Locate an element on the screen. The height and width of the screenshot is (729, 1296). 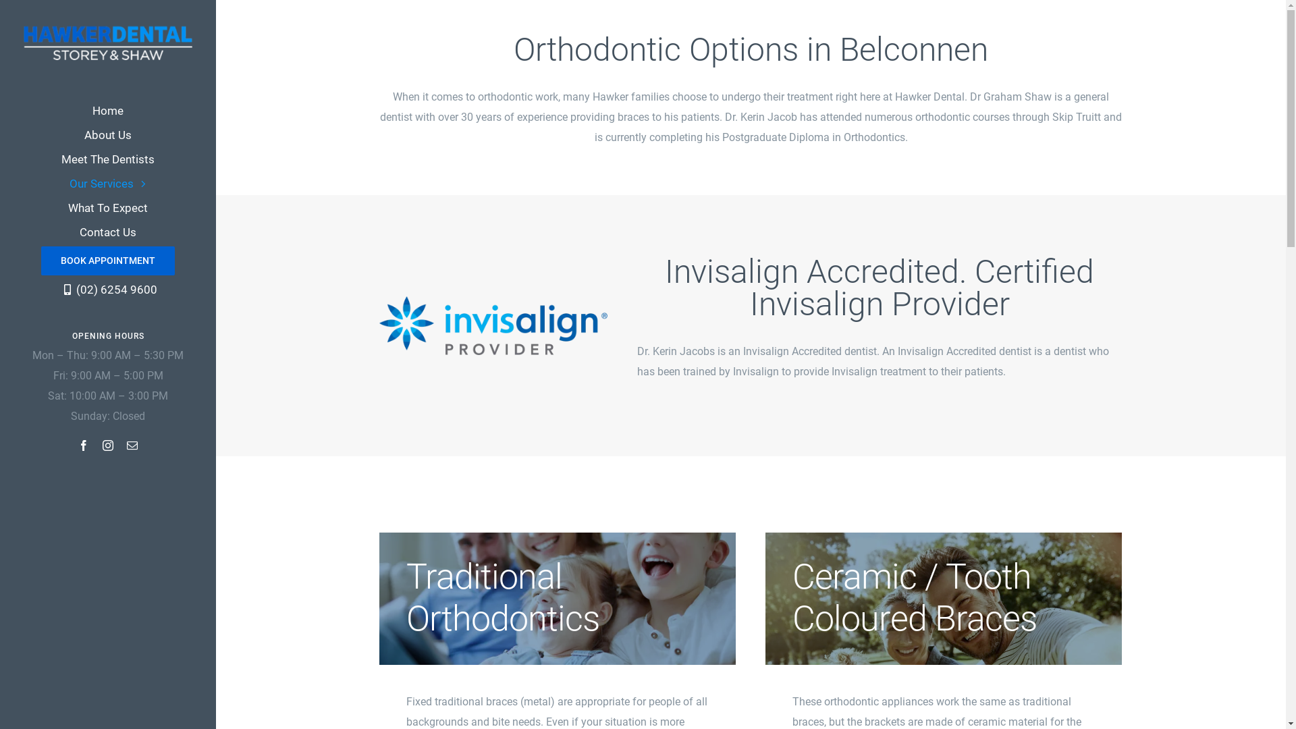
'Meet The Dentists' is located at coordinates (107, 158).